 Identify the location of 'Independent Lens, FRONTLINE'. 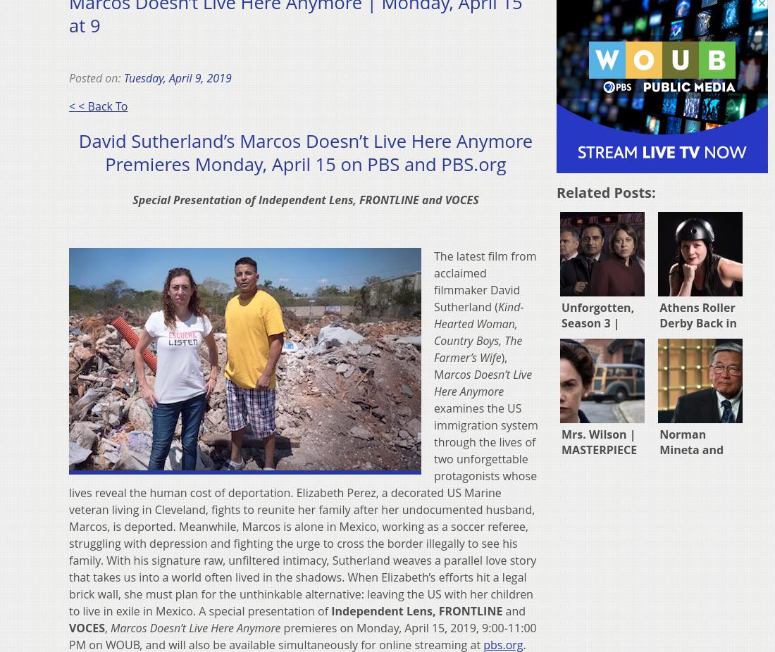
(416, 610).